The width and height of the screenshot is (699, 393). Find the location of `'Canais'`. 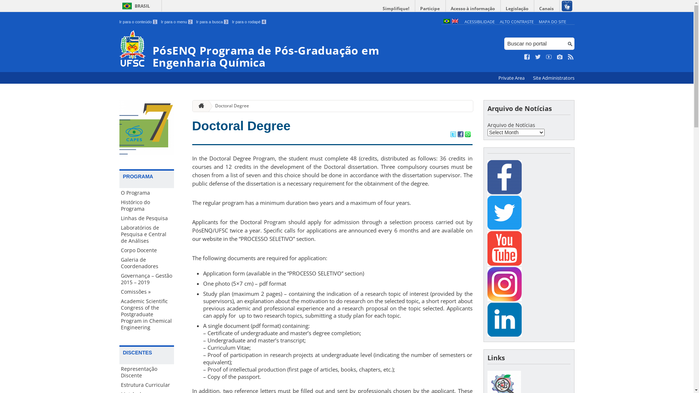

'Canais' is located at coordinates (547, 8).